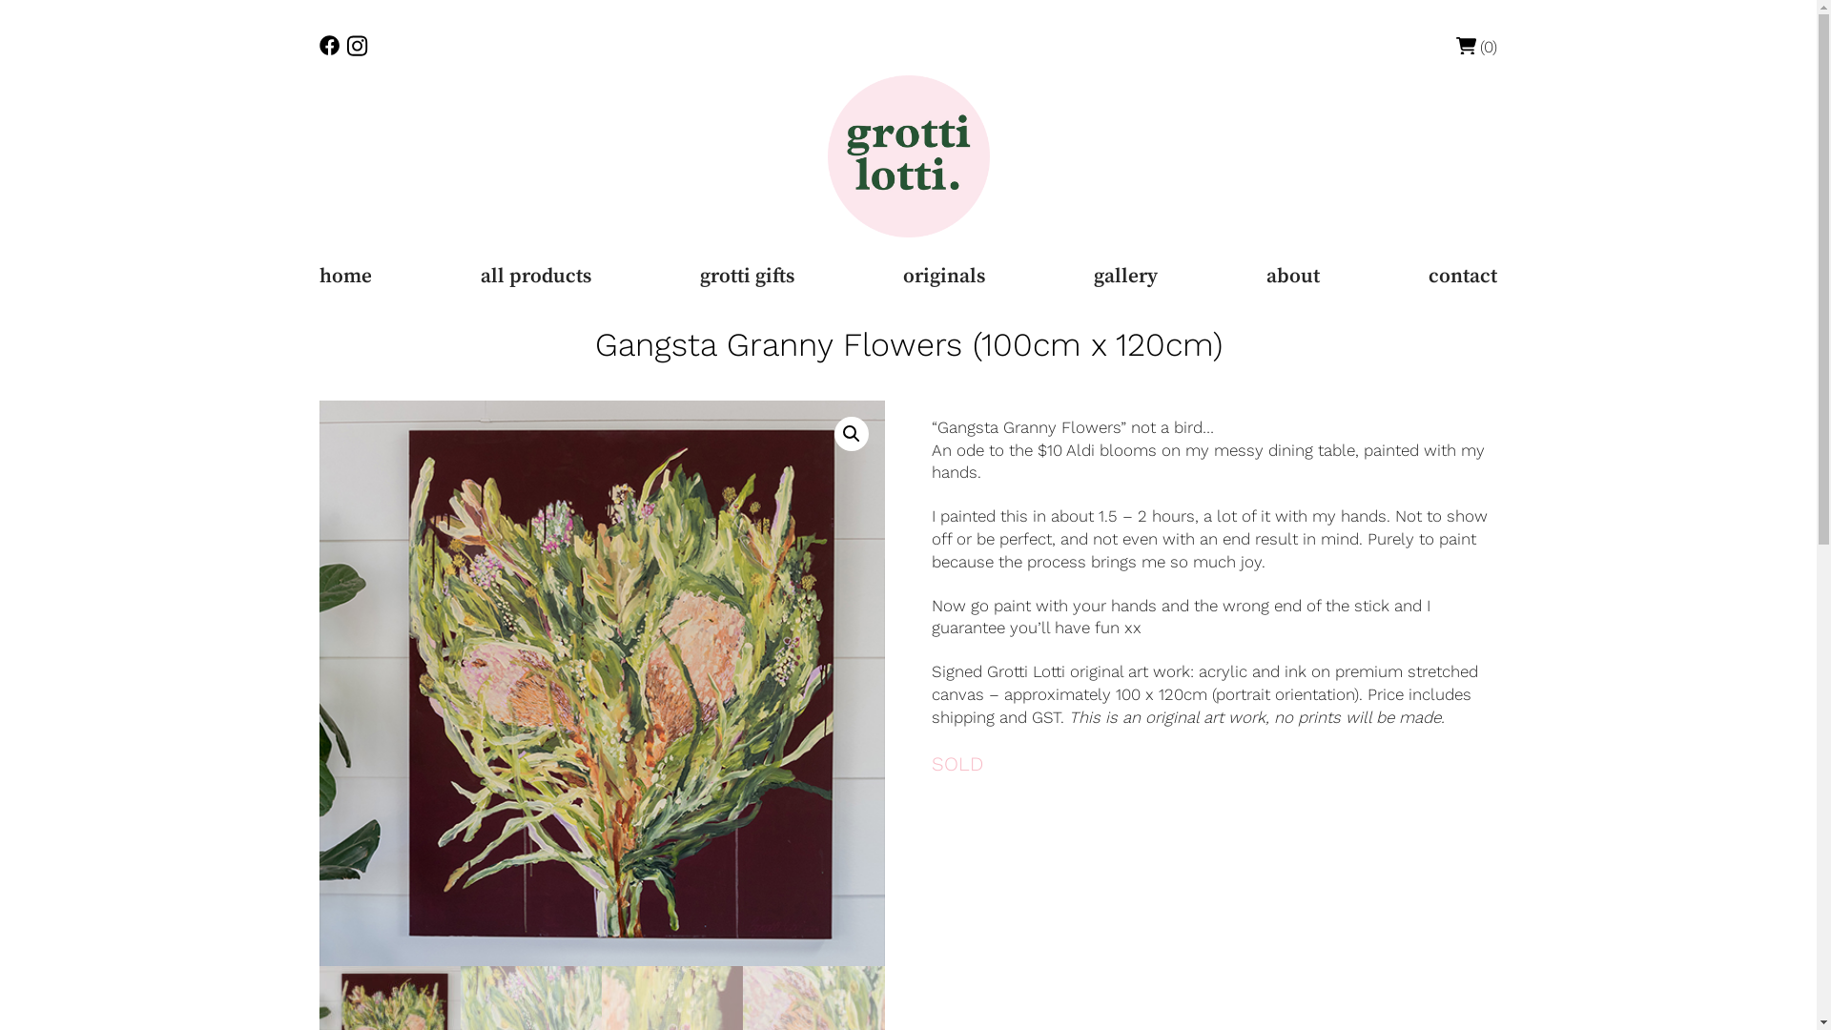  I want to click on 'all products', so click(534, 276).